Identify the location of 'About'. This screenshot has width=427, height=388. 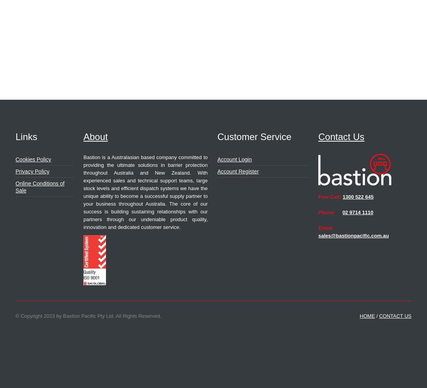
(95, 136).